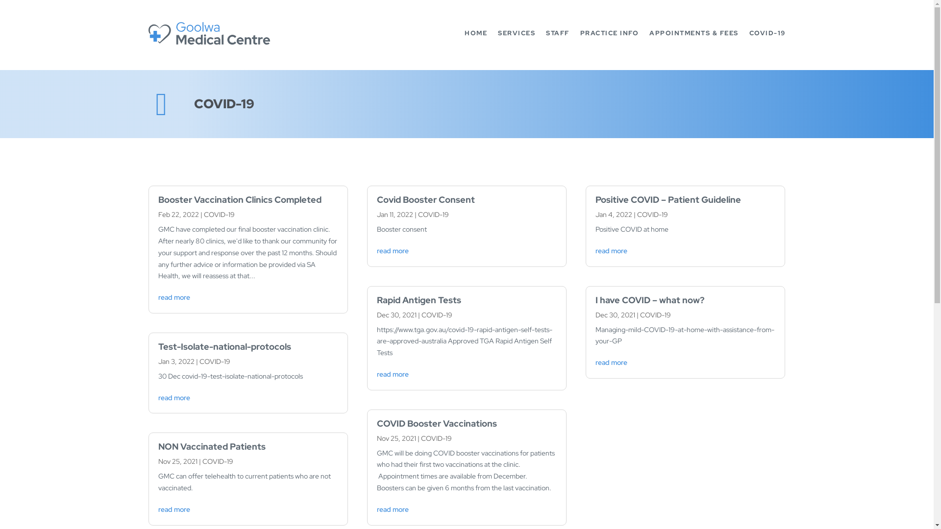 This screenshot has height=529, width=941. Describe the element at coordinates (214, 361) in the screenshot. I see `'COVID-19'` at that location.